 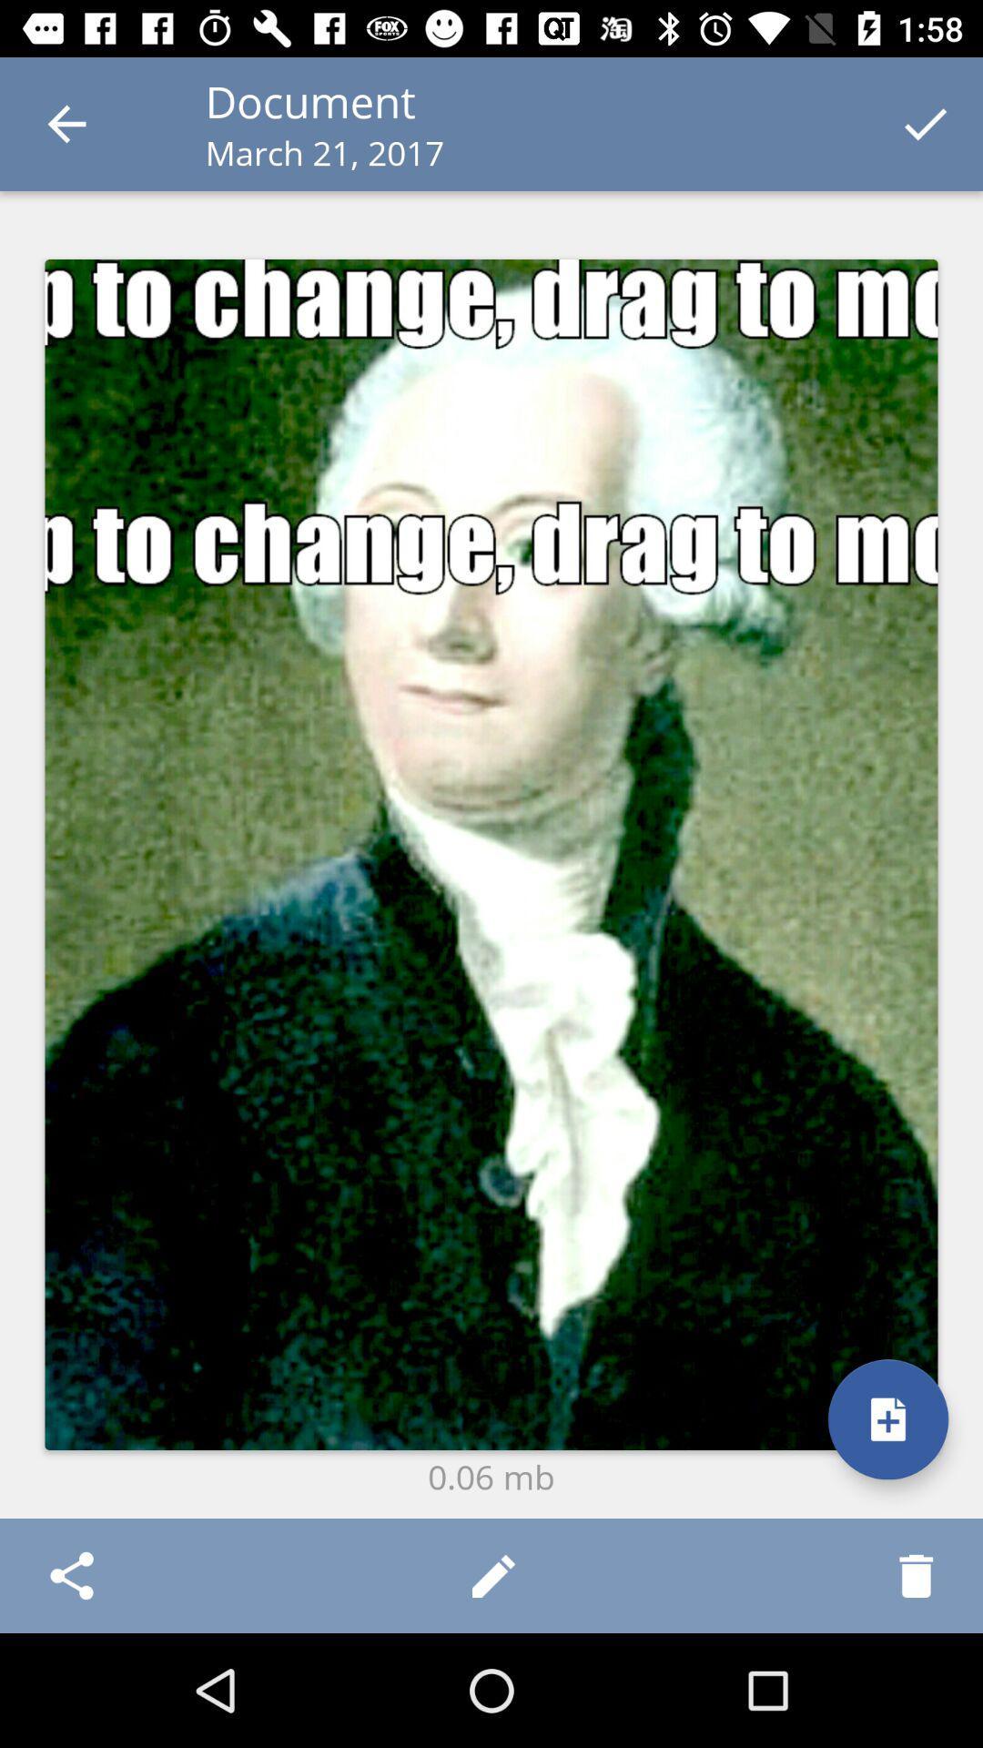 I want to click on the share icon, so click(x=70, y=1575).